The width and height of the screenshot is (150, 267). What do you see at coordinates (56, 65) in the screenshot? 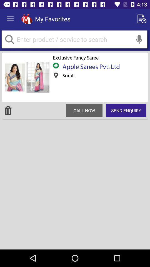
I see `the logo above the location icon` at bounding box center [56, 65].